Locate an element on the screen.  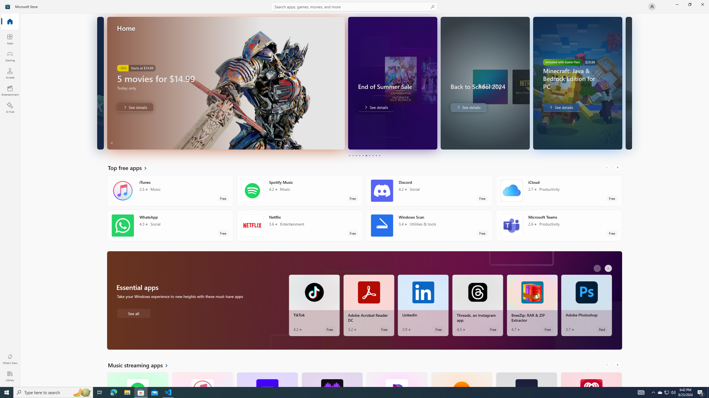
'Page 8' is located at coordinates (373, 155).